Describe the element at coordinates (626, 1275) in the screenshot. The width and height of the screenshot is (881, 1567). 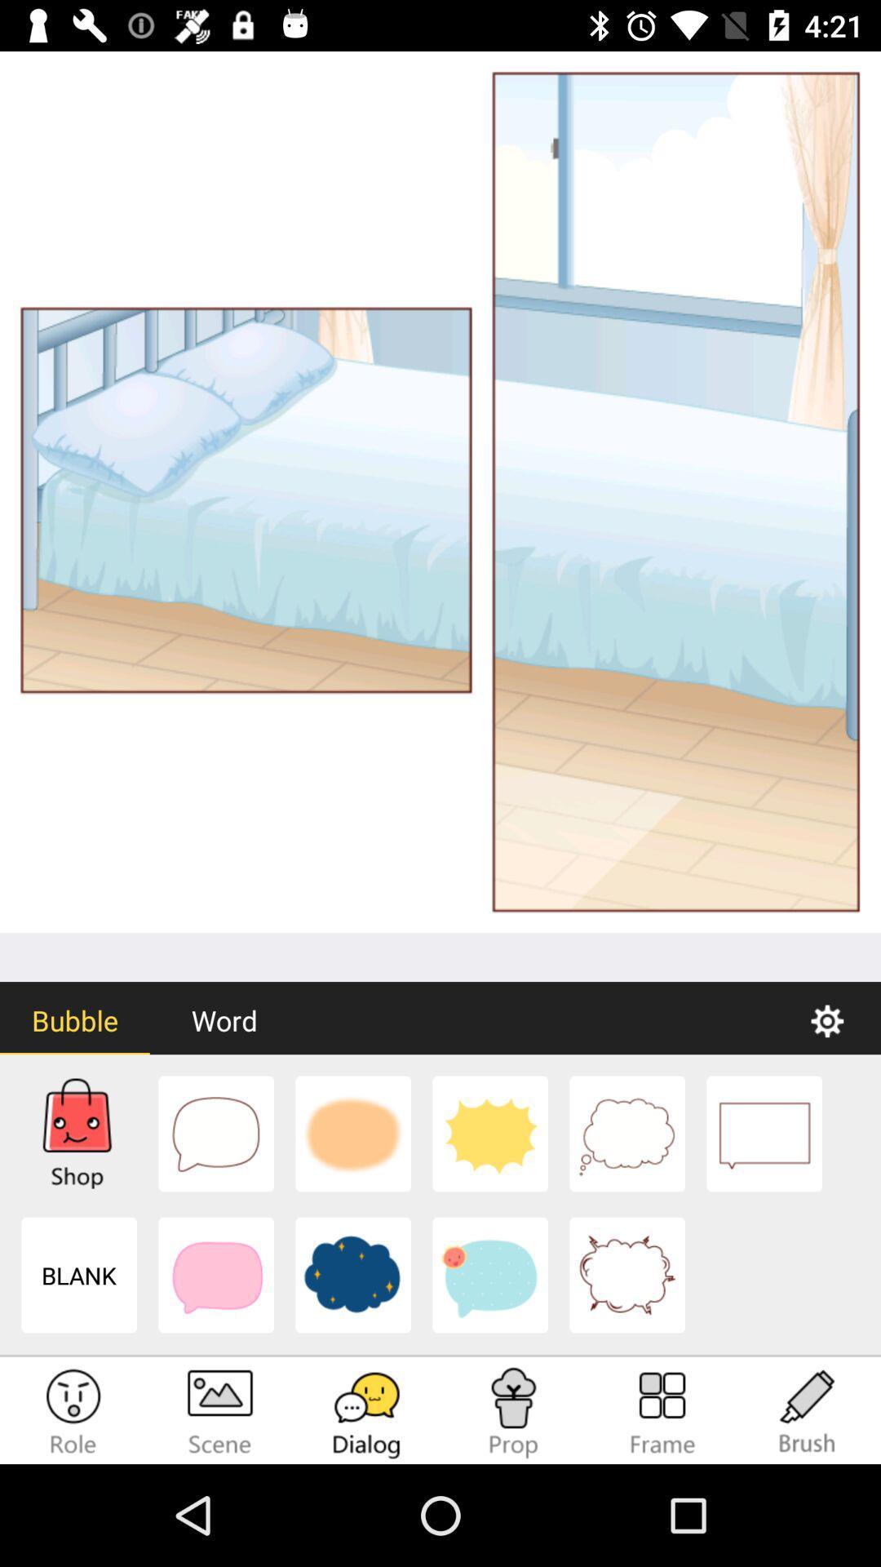
I see `last picture at the bottom` at that location.